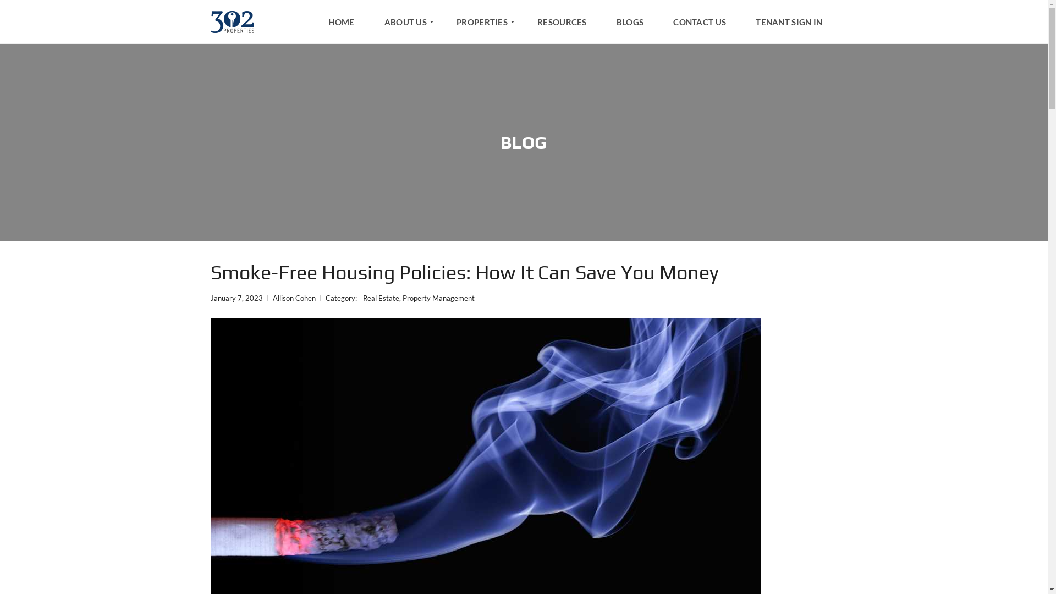 The height and width of the screenshot is (594, 1056). I want to click on 'ABOUT US', so click(405, 21).